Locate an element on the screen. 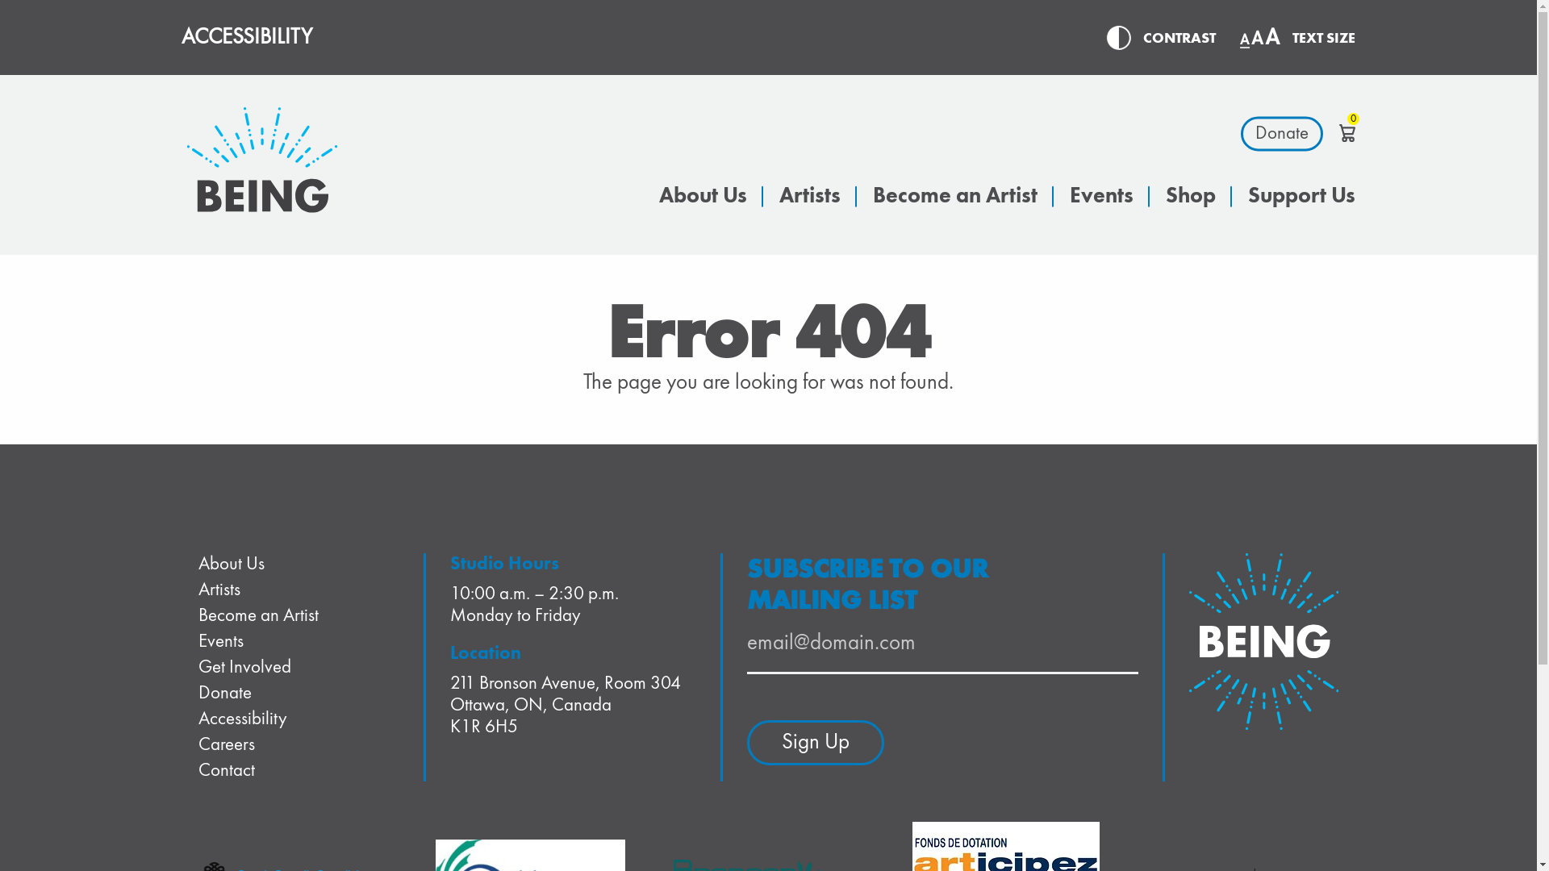 The height and width of the screenshot is (871, 1549). 'Contact' is located at coordinates (226, 769).